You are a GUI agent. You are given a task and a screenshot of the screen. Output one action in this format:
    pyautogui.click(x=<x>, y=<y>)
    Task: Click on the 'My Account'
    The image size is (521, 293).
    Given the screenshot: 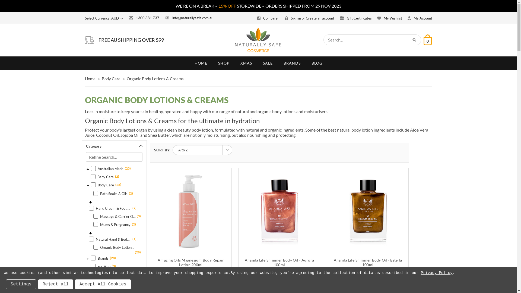 What is the action you would take?
    pyautogui.click(x=420, y=18)
    